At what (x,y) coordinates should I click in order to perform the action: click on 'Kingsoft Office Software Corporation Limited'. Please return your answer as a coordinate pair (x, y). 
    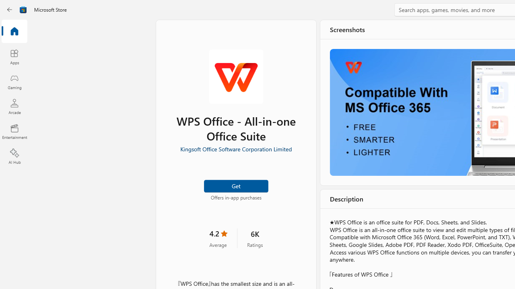
    Looking at the image, I should click on (235, 148).